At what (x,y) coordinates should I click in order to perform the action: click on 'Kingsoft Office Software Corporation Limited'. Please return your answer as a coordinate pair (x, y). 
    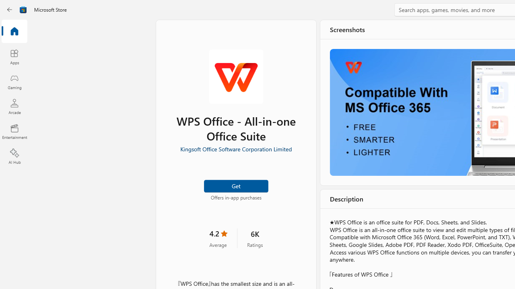
    Looking at the image, I should click on (235, 148).